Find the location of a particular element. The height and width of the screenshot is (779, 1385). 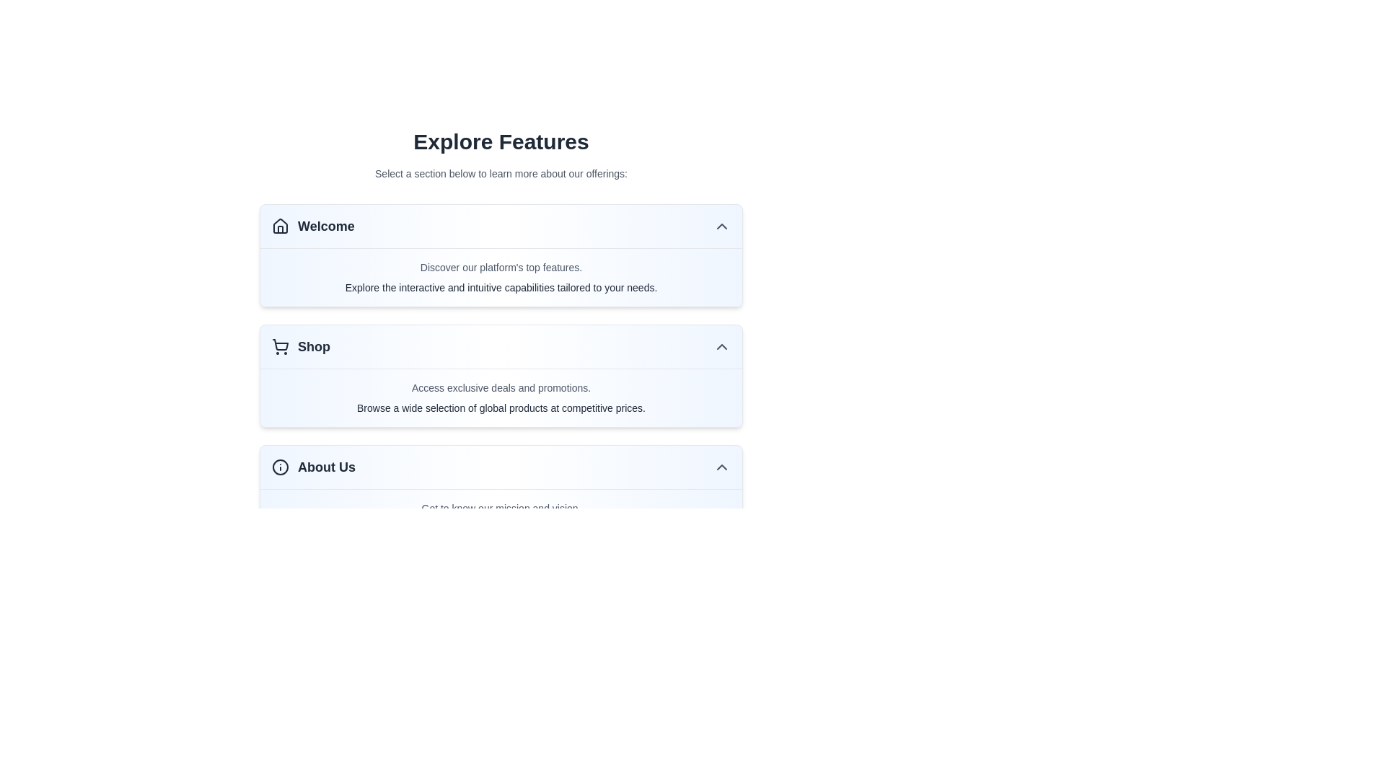

the vector graphic representing the shopping cart icon in the 'Shop' section of the interface is located at coordinates (280, 345).